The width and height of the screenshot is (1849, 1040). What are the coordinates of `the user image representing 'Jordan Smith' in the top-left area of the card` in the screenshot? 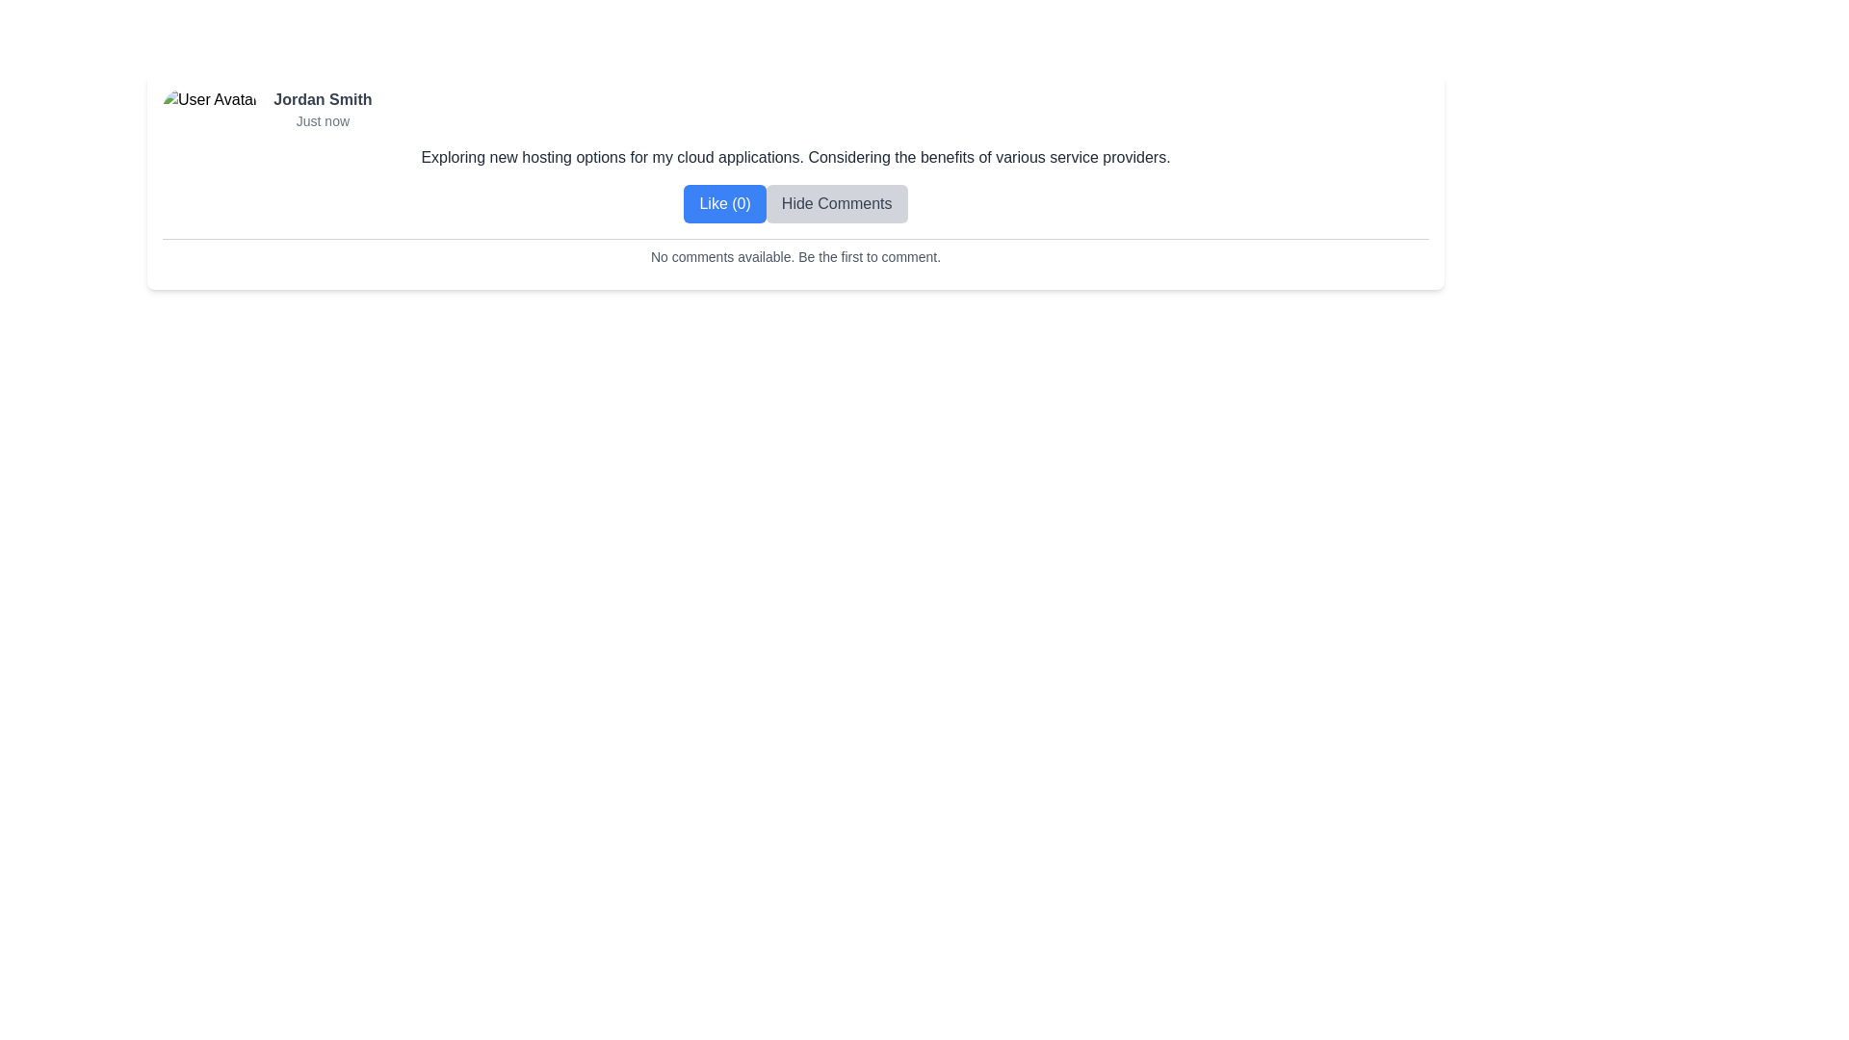 It's located at (210, 100).